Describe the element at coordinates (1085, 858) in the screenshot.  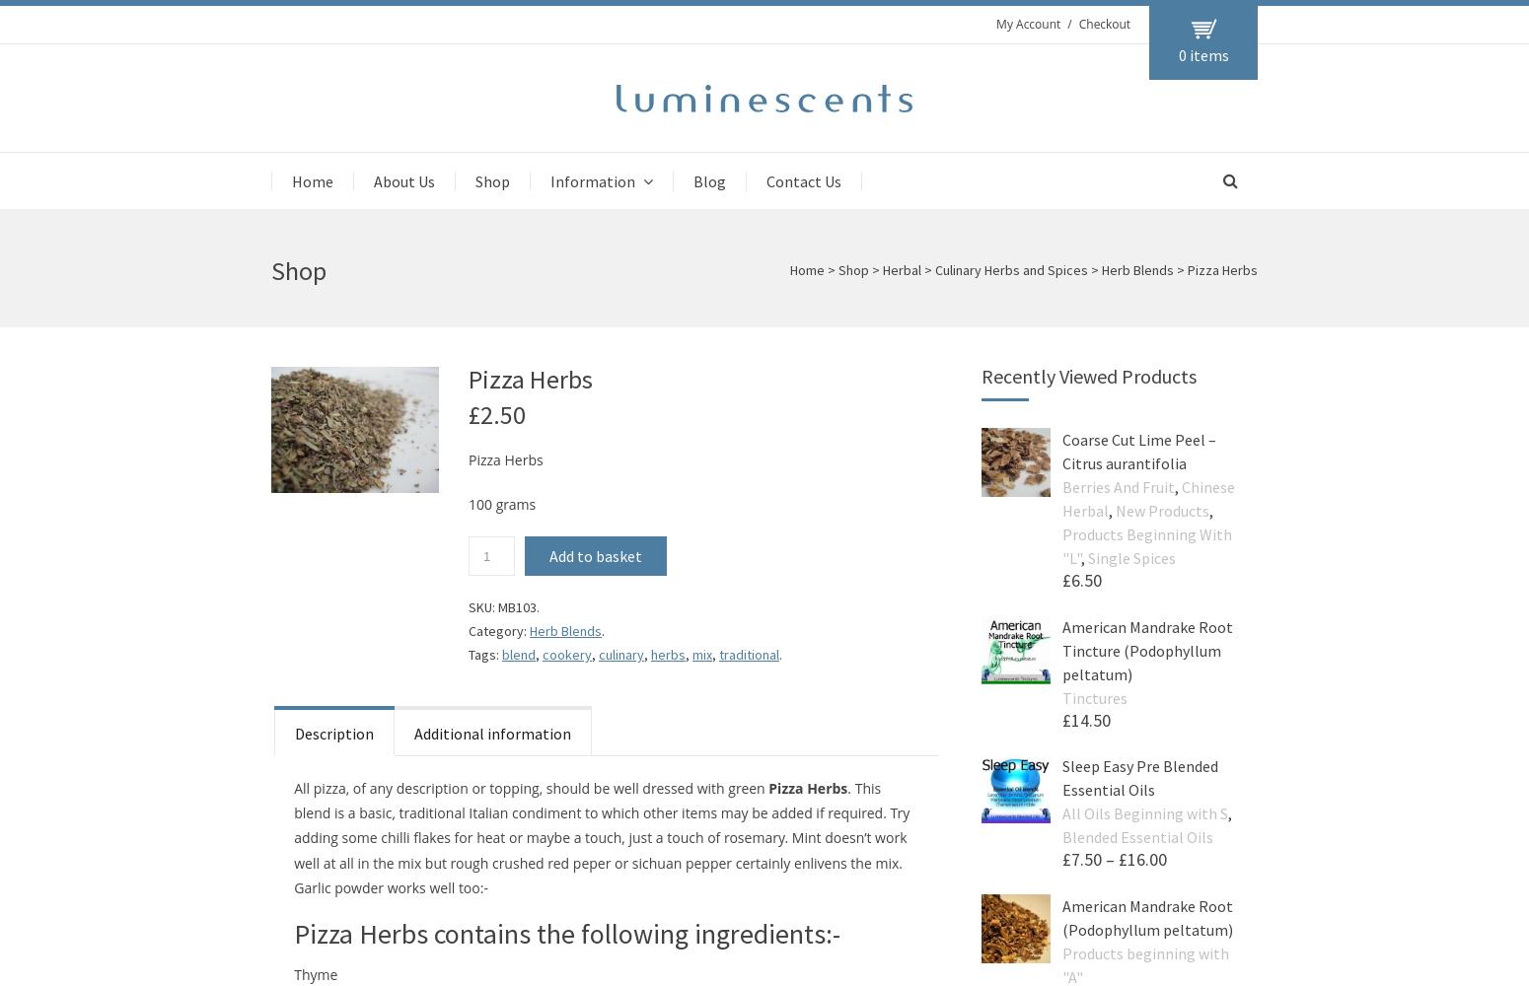
I see `'7.50'` at that location.